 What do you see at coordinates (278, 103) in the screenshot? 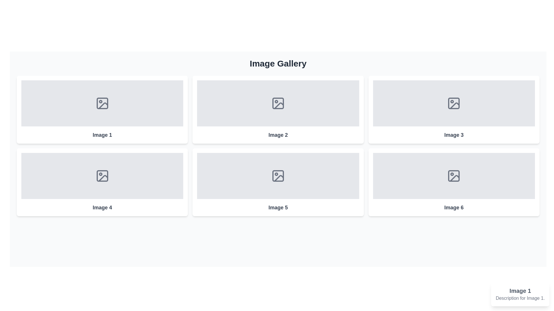
I see `the placeholder icon in the second box of the first row in the 'Image Gallery' section` at bounding box center [278, 103].